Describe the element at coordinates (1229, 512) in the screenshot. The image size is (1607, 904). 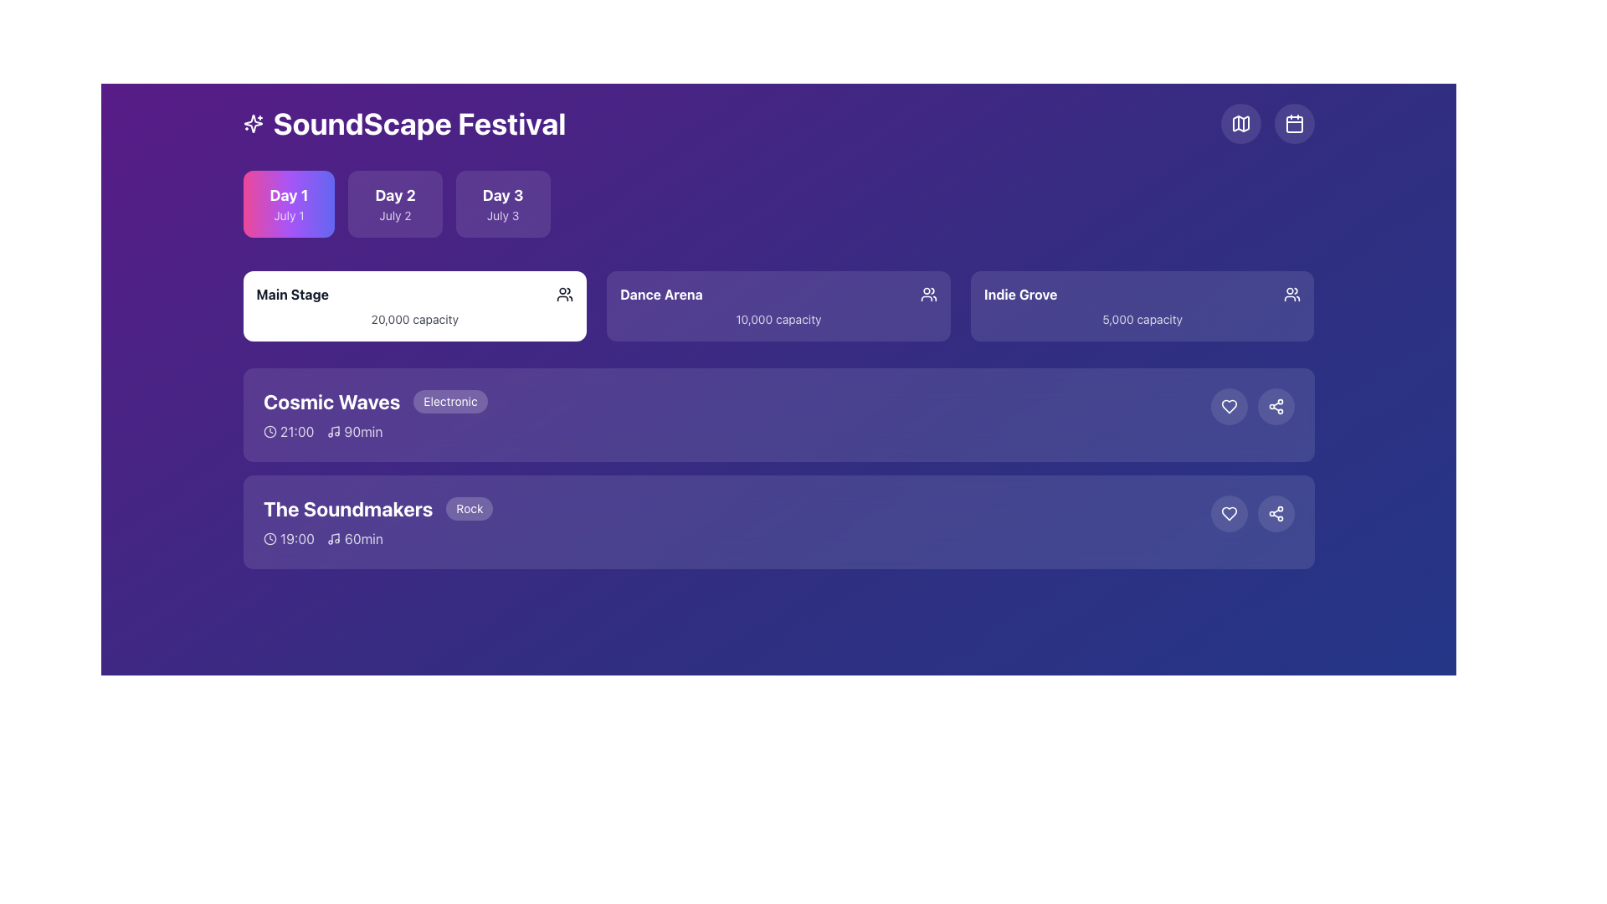
I see `the circular button with a heart symbol outlined in white, located in the lower row card section 'The Soundmakers', to observe styling changes` at that location.